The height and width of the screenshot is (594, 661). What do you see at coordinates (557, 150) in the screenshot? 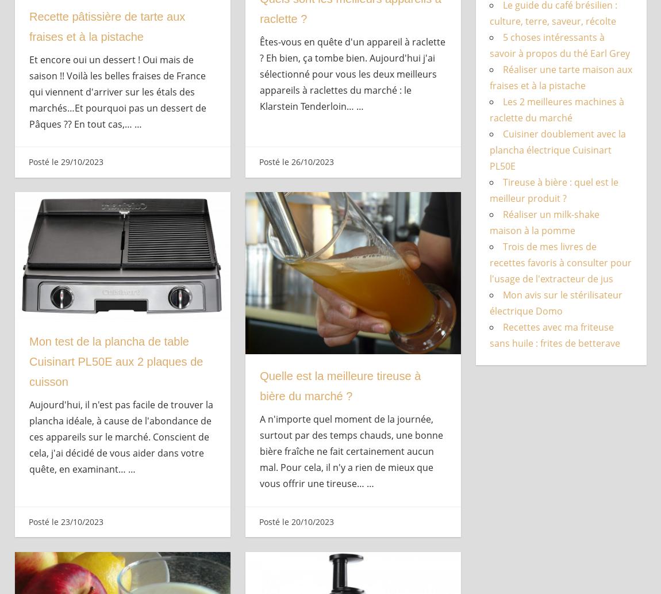
I see `'Cuisiner doublement avec la plancha électrique Cuisinart PL50E'` at bounding box center [557, 150].